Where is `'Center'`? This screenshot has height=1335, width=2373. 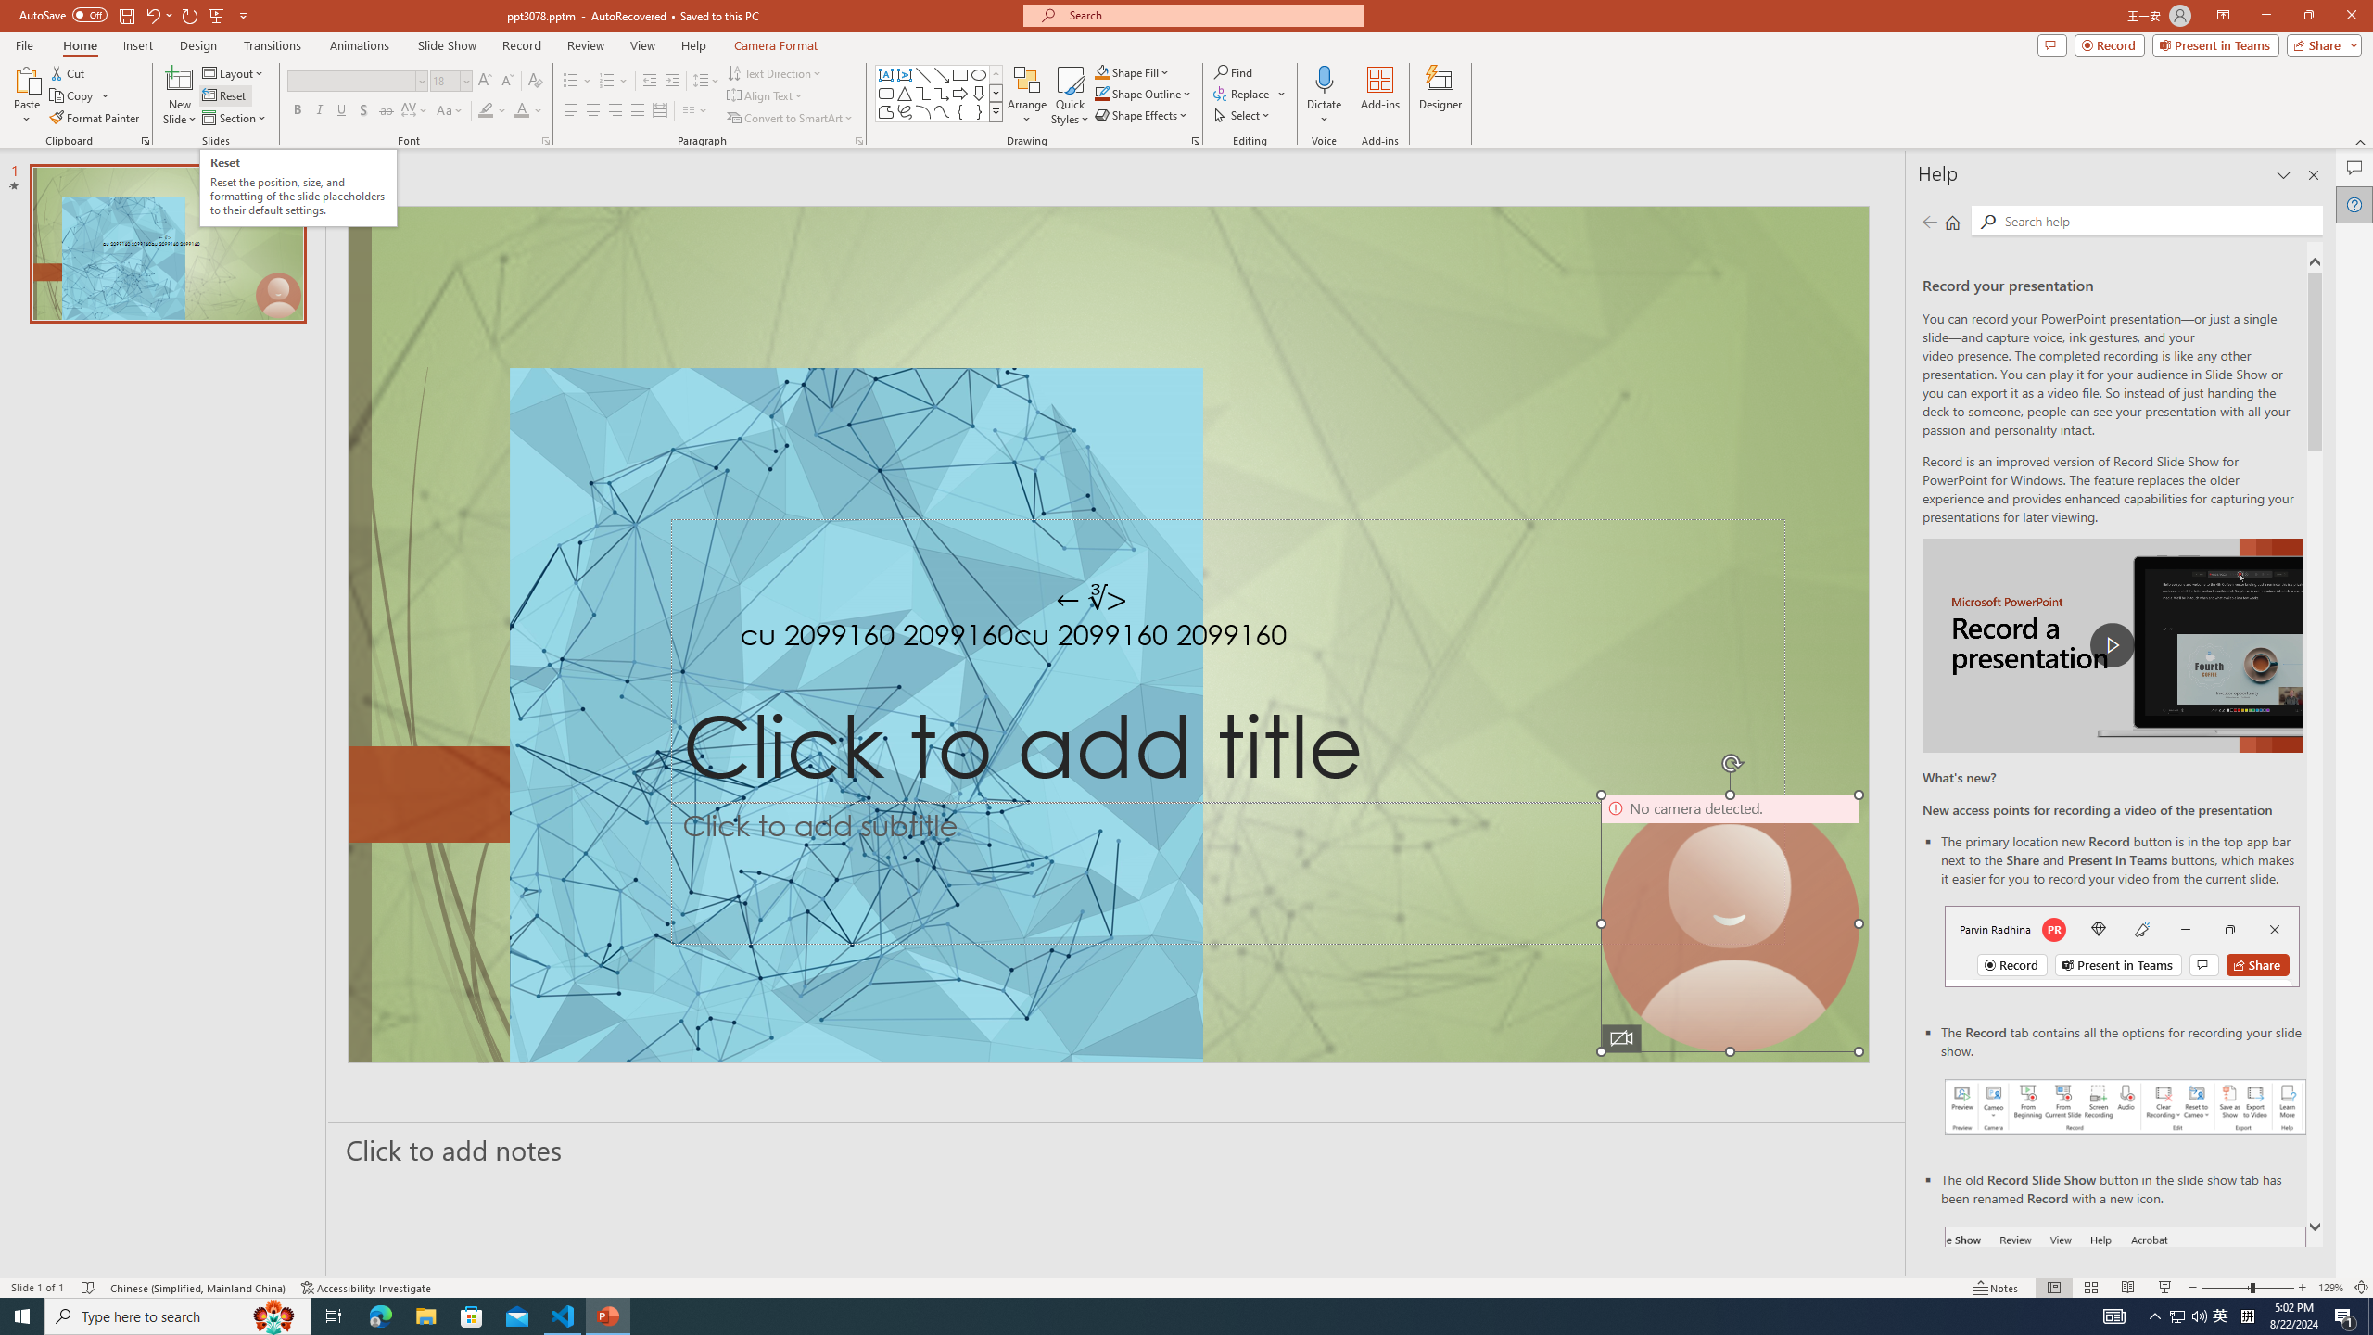 'Center' is located at coordinates (593, 109).